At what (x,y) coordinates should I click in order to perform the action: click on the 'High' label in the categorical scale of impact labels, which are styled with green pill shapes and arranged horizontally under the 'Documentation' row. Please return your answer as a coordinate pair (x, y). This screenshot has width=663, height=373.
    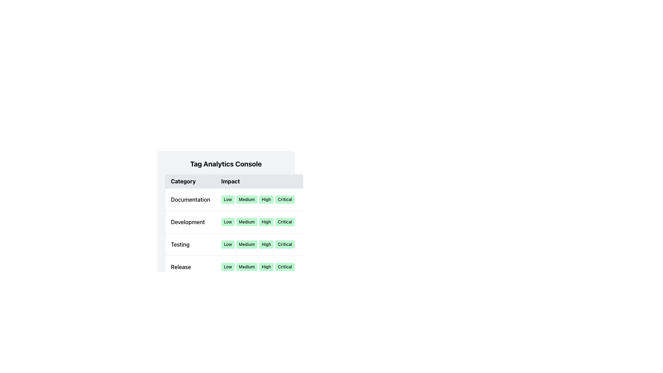
    Looking at the image, I should click on (258, 200).